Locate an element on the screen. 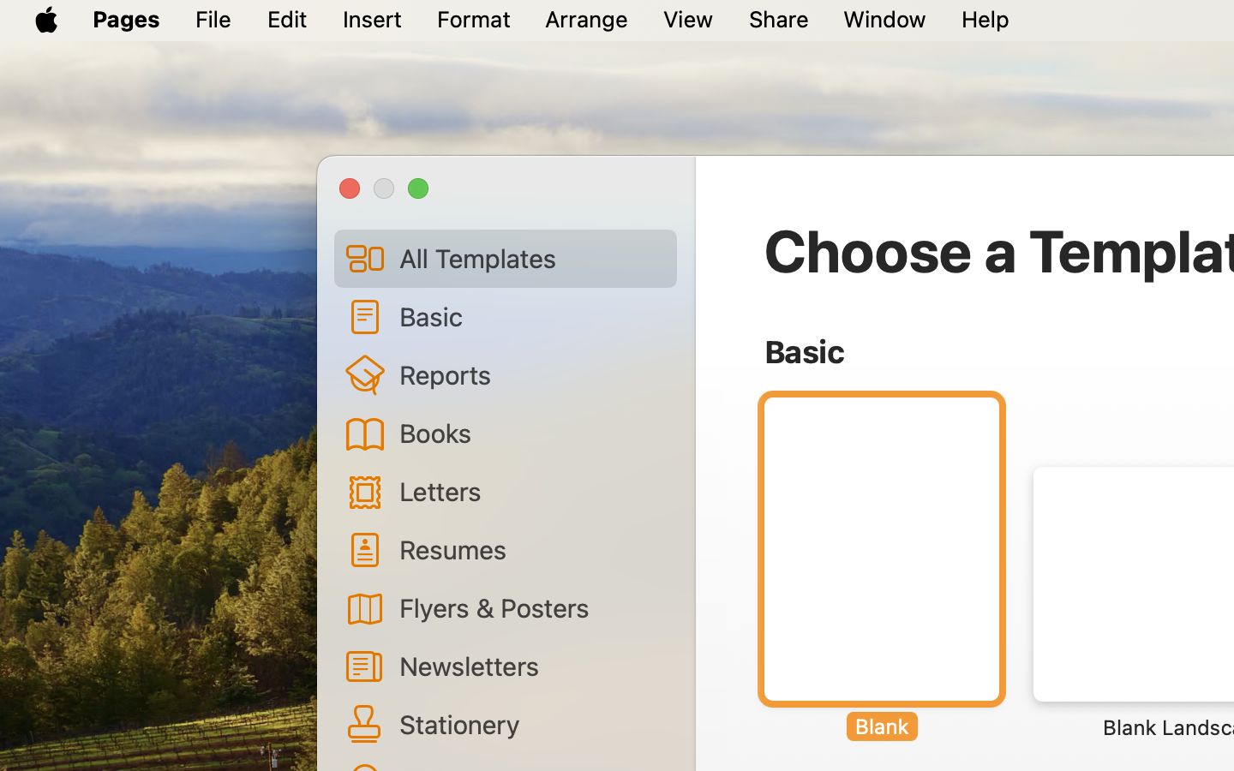 This screenshot has height=771, width=1234. 'Books' is located at coordinates (530, 431).